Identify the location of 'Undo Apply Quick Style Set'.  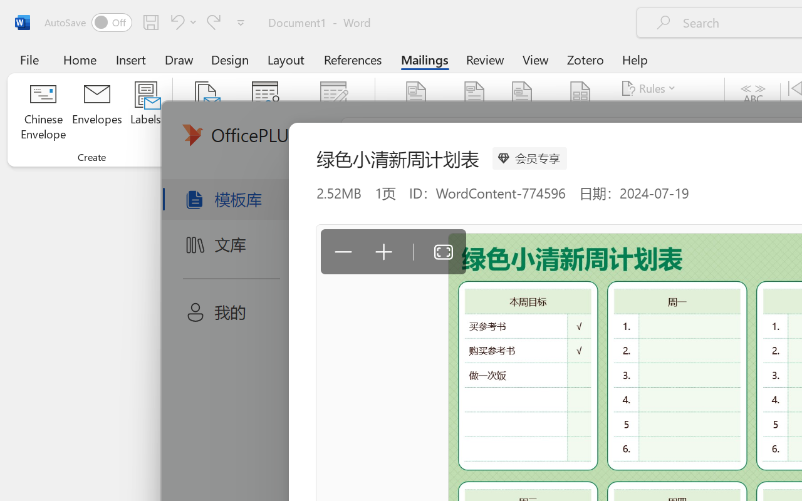
(175, 21).